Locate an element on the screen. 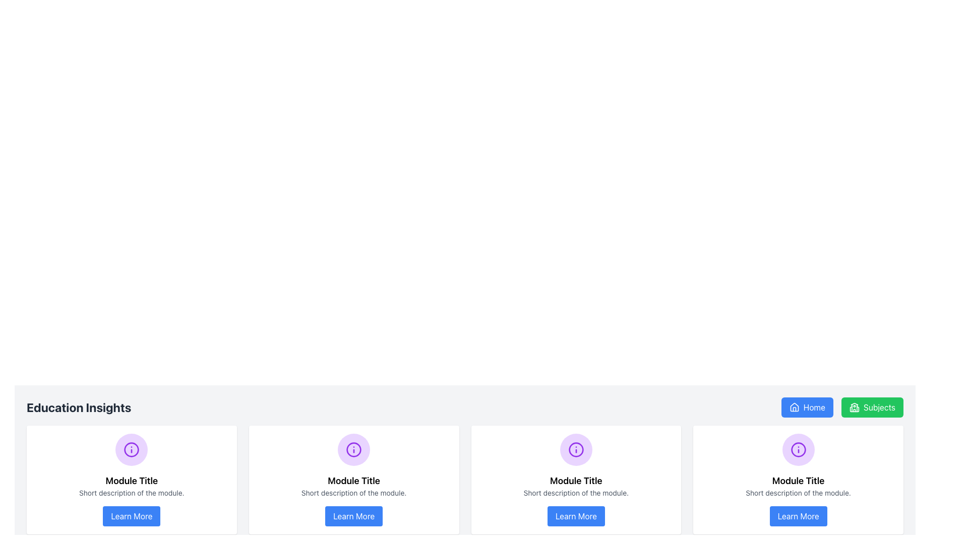 The width and height of the screenshot is (968, 544). the blue 'Learn More' button located at the bottom center of the card to observe the hover effects is located at coordinates (354, 516).